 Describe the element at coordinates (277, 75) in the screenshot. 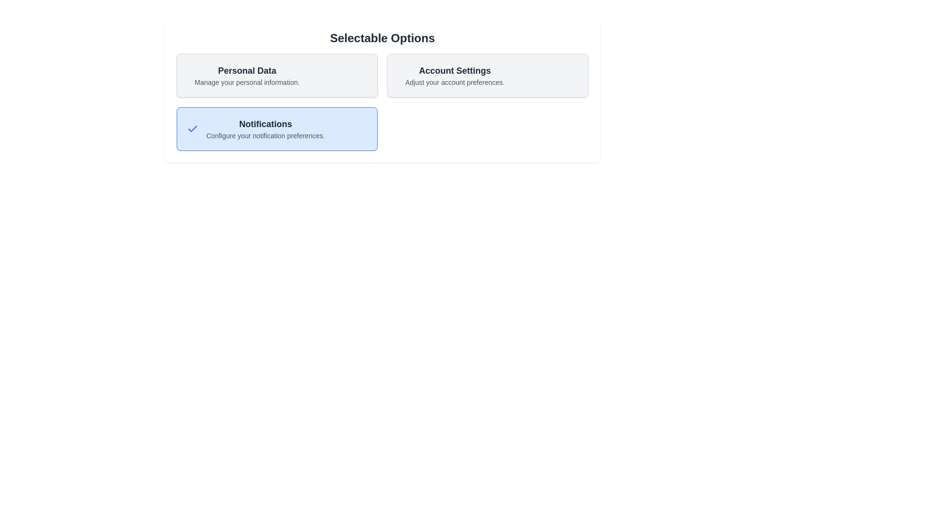

I see `the 'Personal Data' card located in the upper-left section of the grid layout` at that location.